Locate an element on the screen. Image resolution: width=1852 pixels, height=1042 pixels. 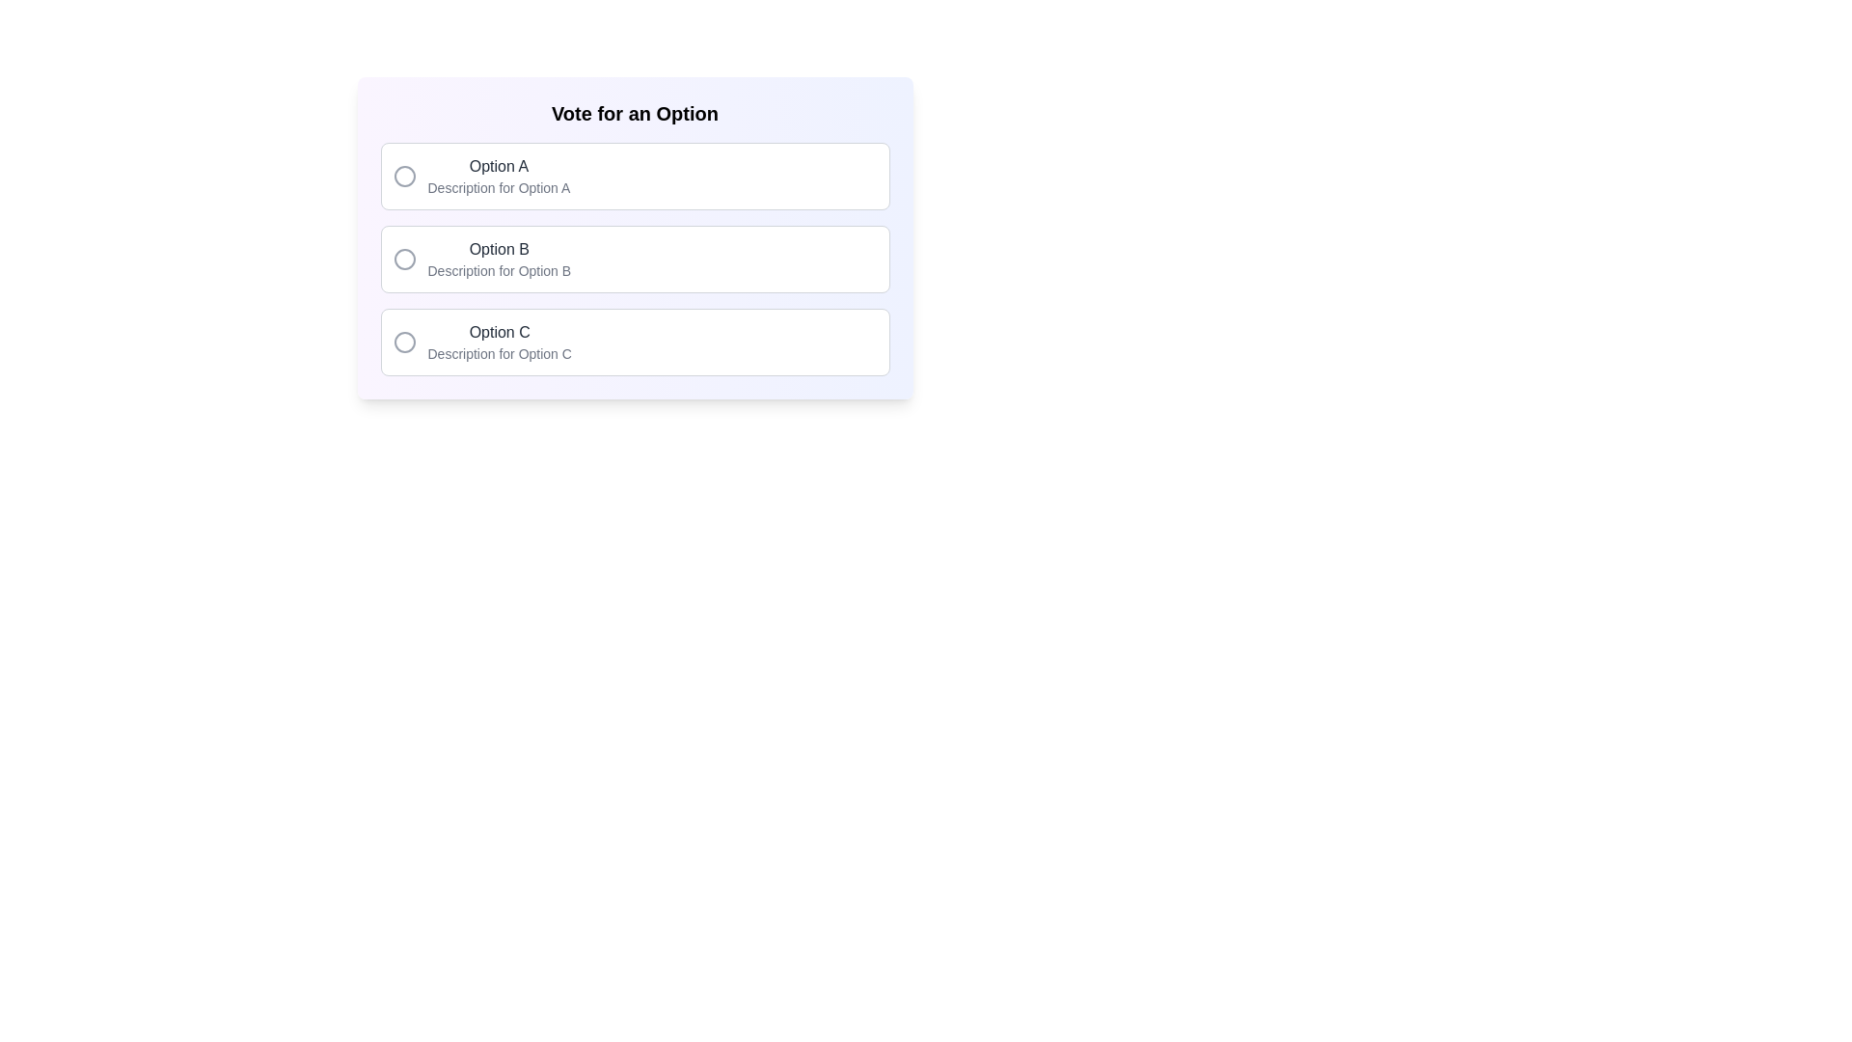
the options provided in the dialog-style interface containing a heading 'Vote for an Option' and a list of selectable items, characterized by a light gradient background from purple to indigo is located at coordinates (635, 236).